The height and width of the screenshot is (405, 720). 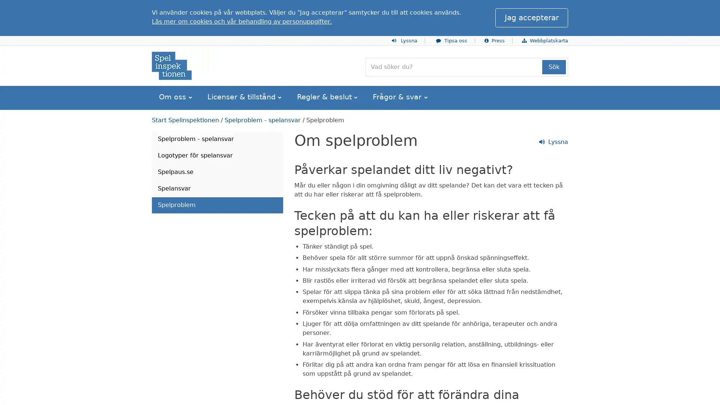 I want to click on ReadSpeaker webReader: Lyssna med webReader, so click(x=181, y=140).